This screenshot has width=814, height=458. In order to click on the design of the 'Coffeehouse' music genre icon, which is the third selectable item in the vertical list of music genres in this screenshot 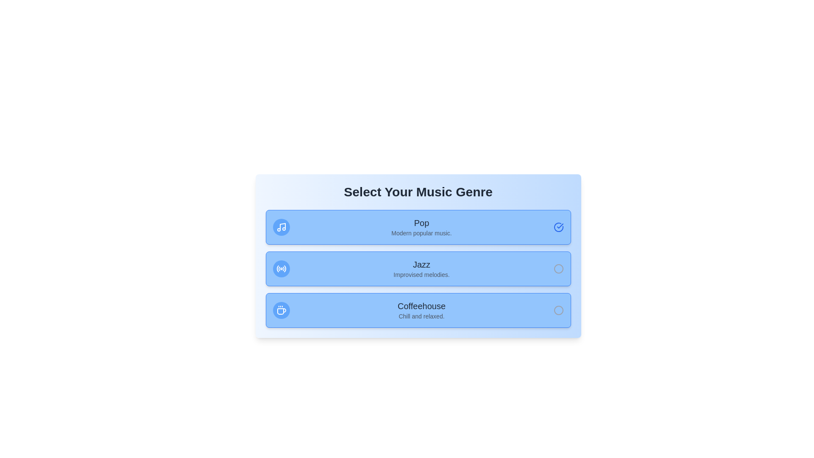, I will do `click(281, 310)`.